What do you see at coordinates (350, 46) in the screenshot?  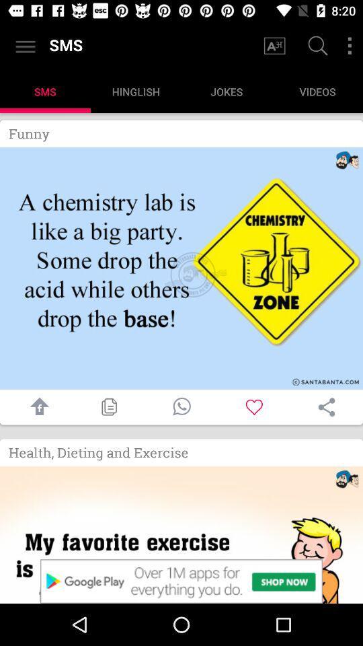 I see `open options` at bounding box center [350, 46].